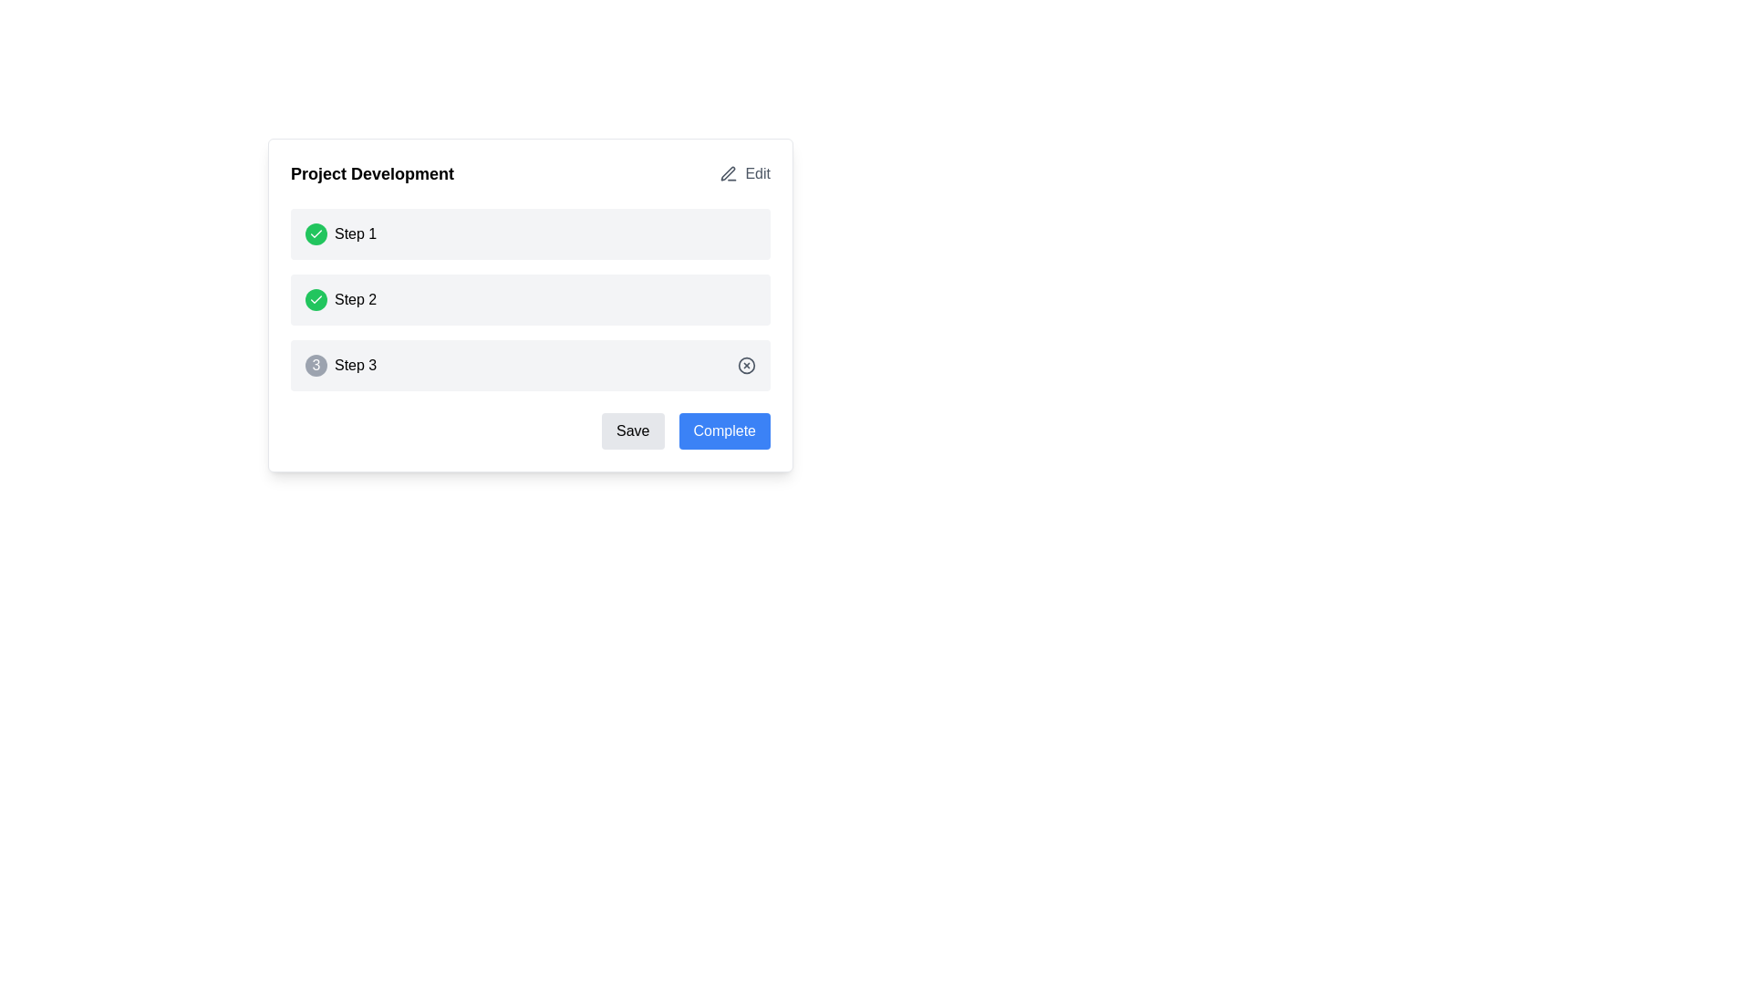  Describe the element at coordinates (633, 431) in the screenshot. I see `the leftmost save button located in the bottom-right section of the panel` at that location.